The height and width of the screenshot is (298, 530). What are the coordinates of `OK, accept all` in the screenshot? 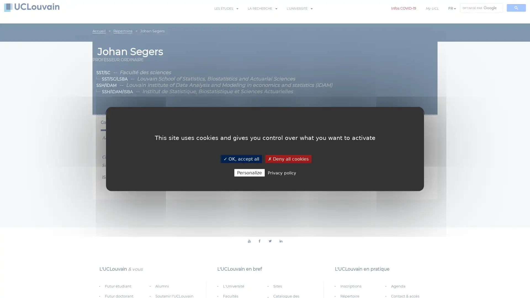 It's located at (241, 159).